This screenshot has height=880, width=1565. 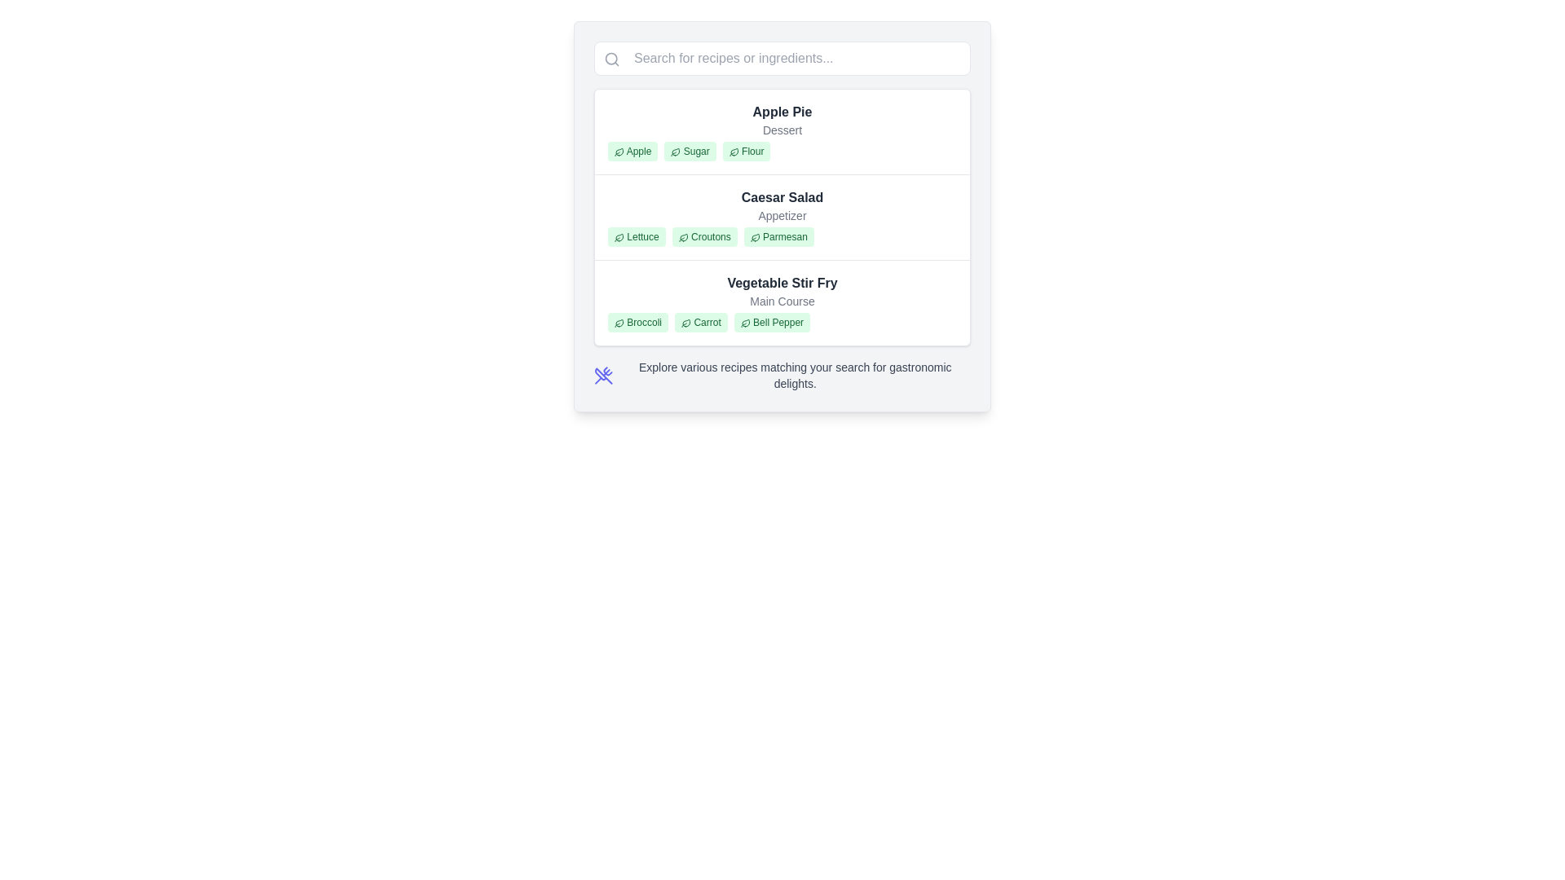 I want to click on horizontal tag list displaying the main ingredients of the 'Apple Pie' recipe, which is located beneath the 'Dessert' label in the Apple Pie card, so click(x=782, y=151).